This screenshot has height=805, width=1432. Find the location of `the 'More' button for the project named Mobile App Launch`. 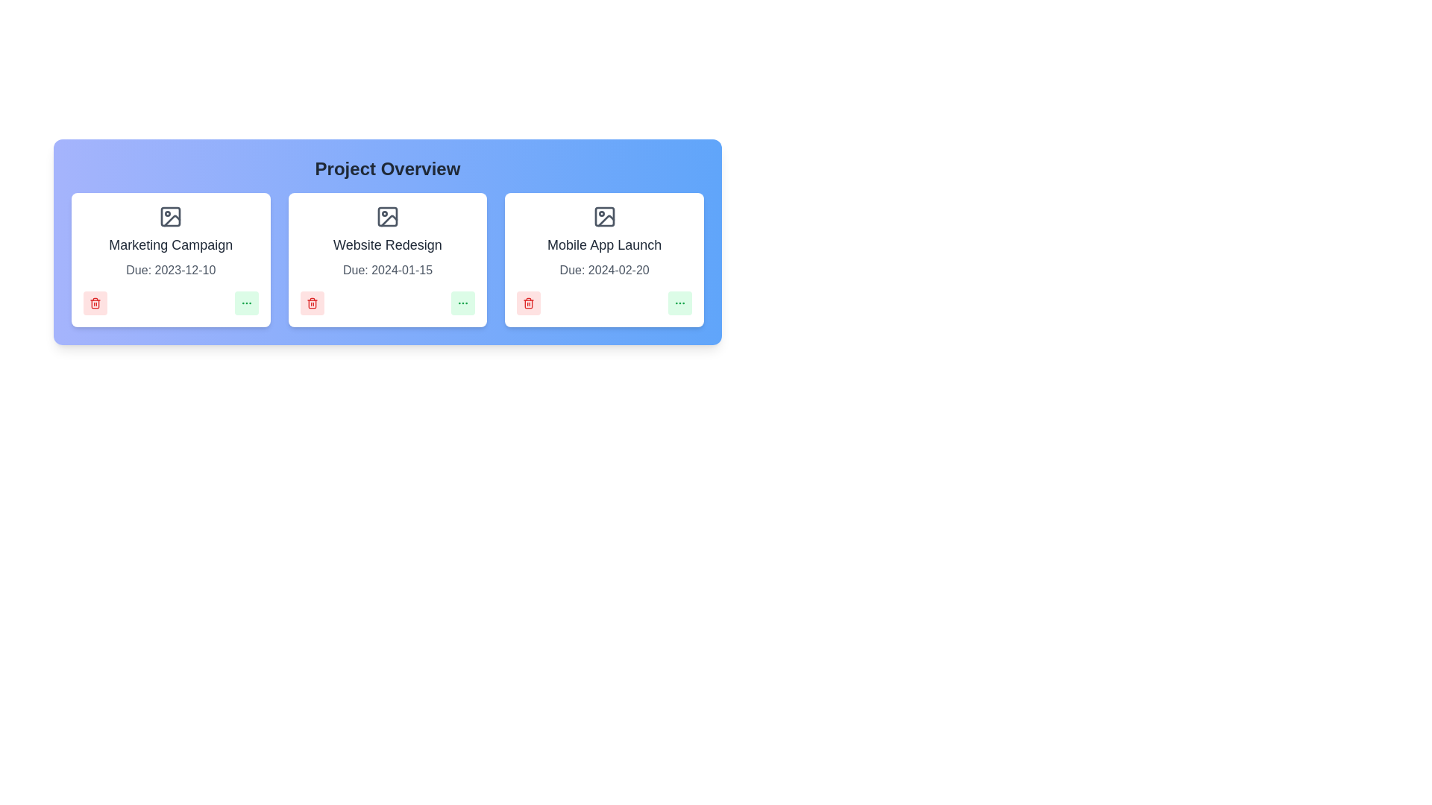

the 'More' button for the project named Mobile App Launch is located at coordinates (679, 303).